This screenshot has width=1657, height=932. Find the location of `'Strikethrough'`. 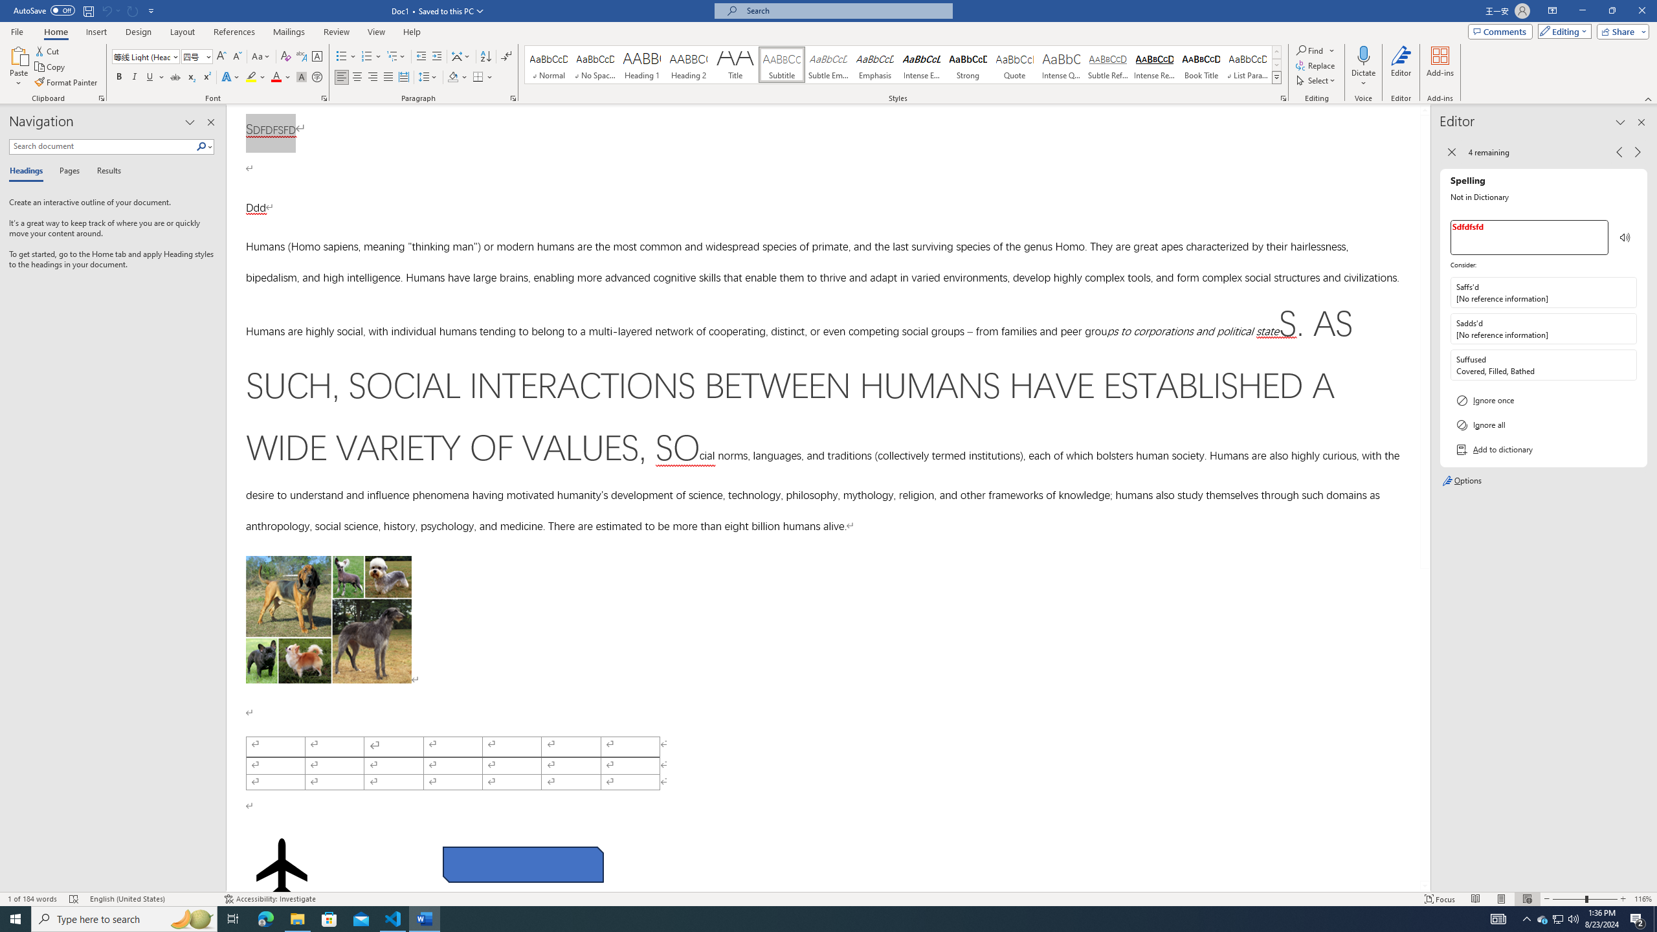

'Strikethrough' is located at coordinates (175, 76).